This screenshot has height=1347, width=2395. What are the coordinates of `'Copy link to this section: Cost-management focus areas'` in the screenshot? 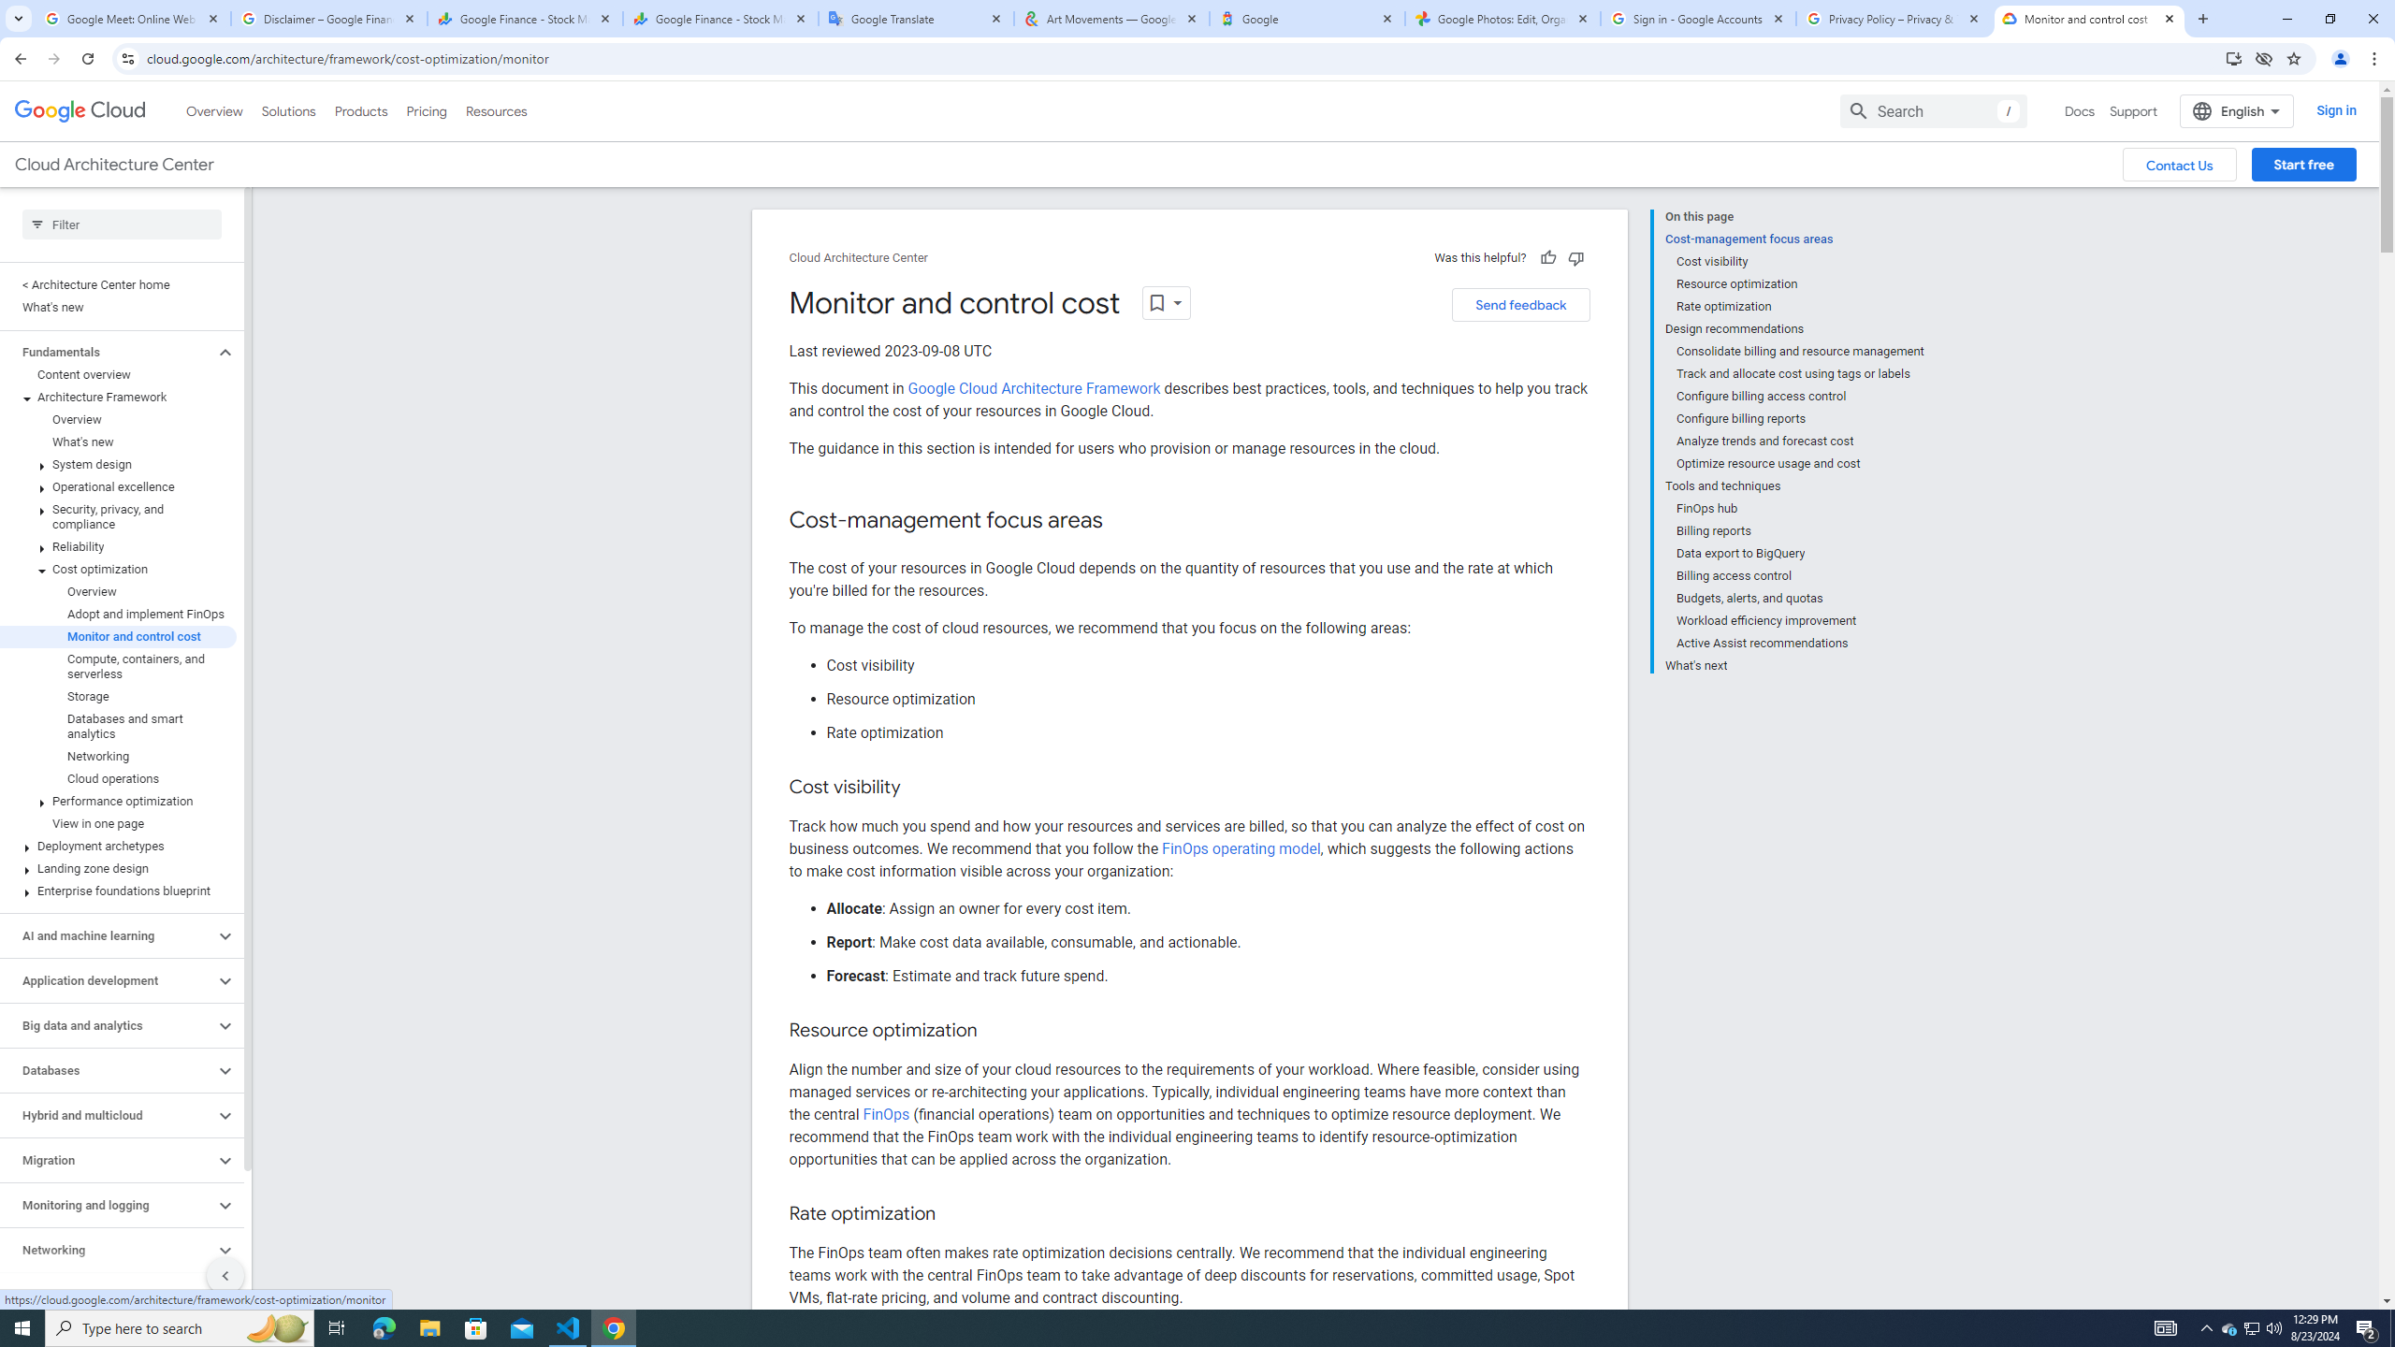 It's located at (1121, 520).